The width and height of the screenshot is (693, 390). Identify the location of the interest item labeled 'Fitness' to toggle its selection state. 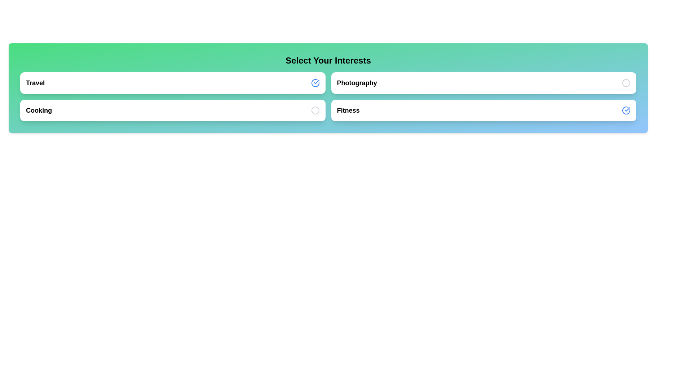
(484, 110).